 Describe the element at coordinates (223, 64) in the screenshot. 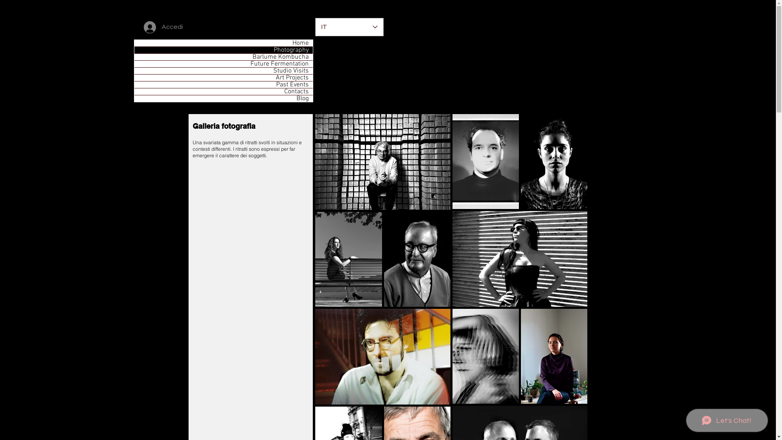

I see `'Future Fermentation'` at that location.